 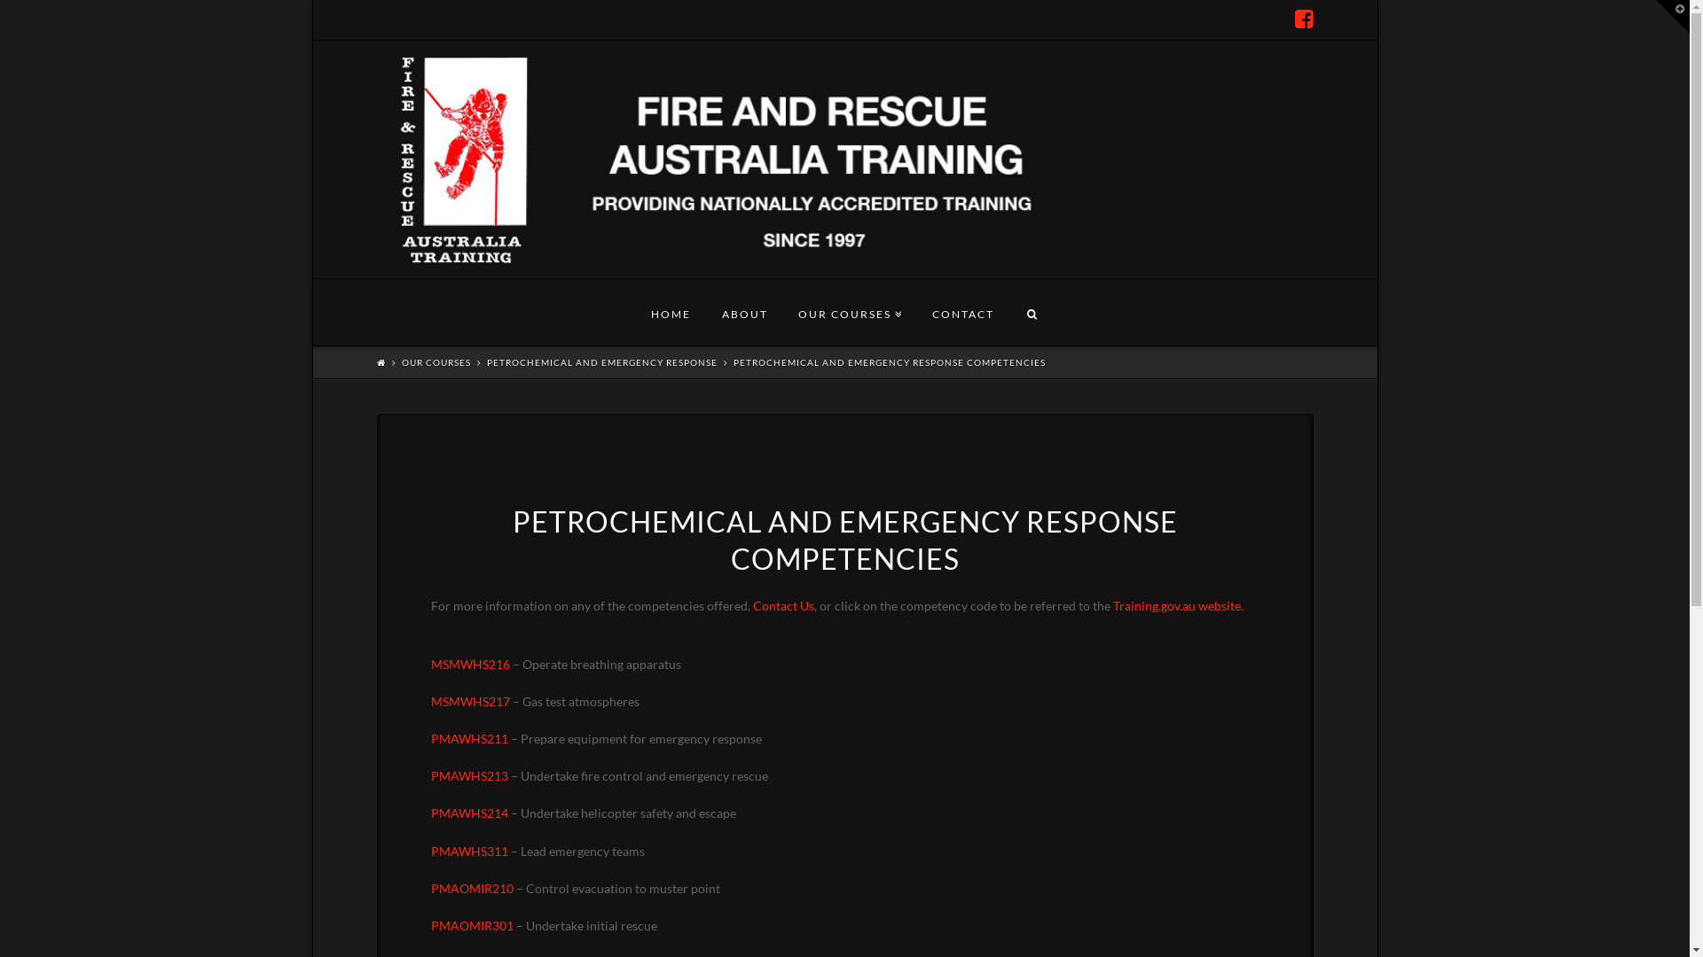 I want to click on 'MSMWHS216', so click(x=470, y=674).